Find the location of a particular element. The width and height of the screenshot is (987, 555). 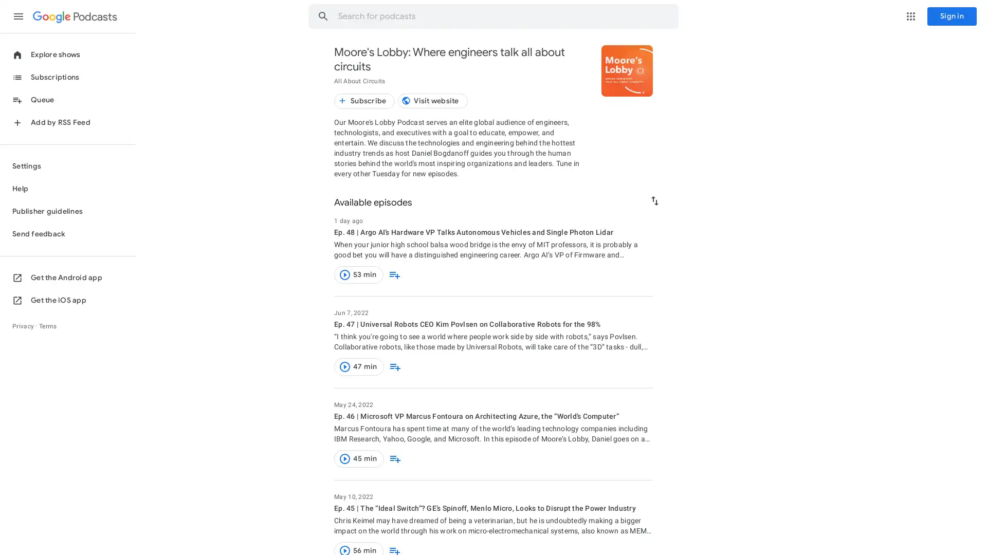

Play this episode is located at coordinates (345, 366).